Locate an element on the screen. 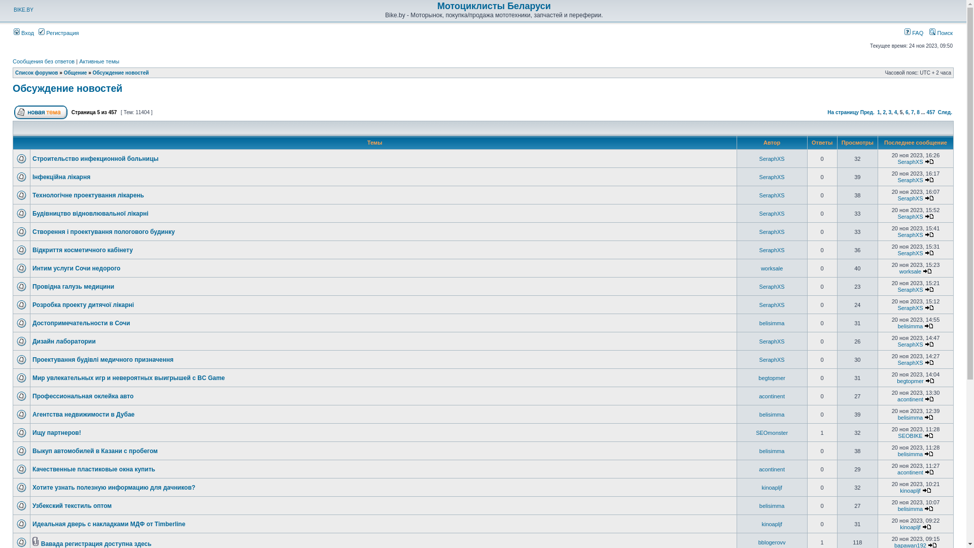 This screenshot has width=974, height=548. '4' is located at coordinates (896, 112).